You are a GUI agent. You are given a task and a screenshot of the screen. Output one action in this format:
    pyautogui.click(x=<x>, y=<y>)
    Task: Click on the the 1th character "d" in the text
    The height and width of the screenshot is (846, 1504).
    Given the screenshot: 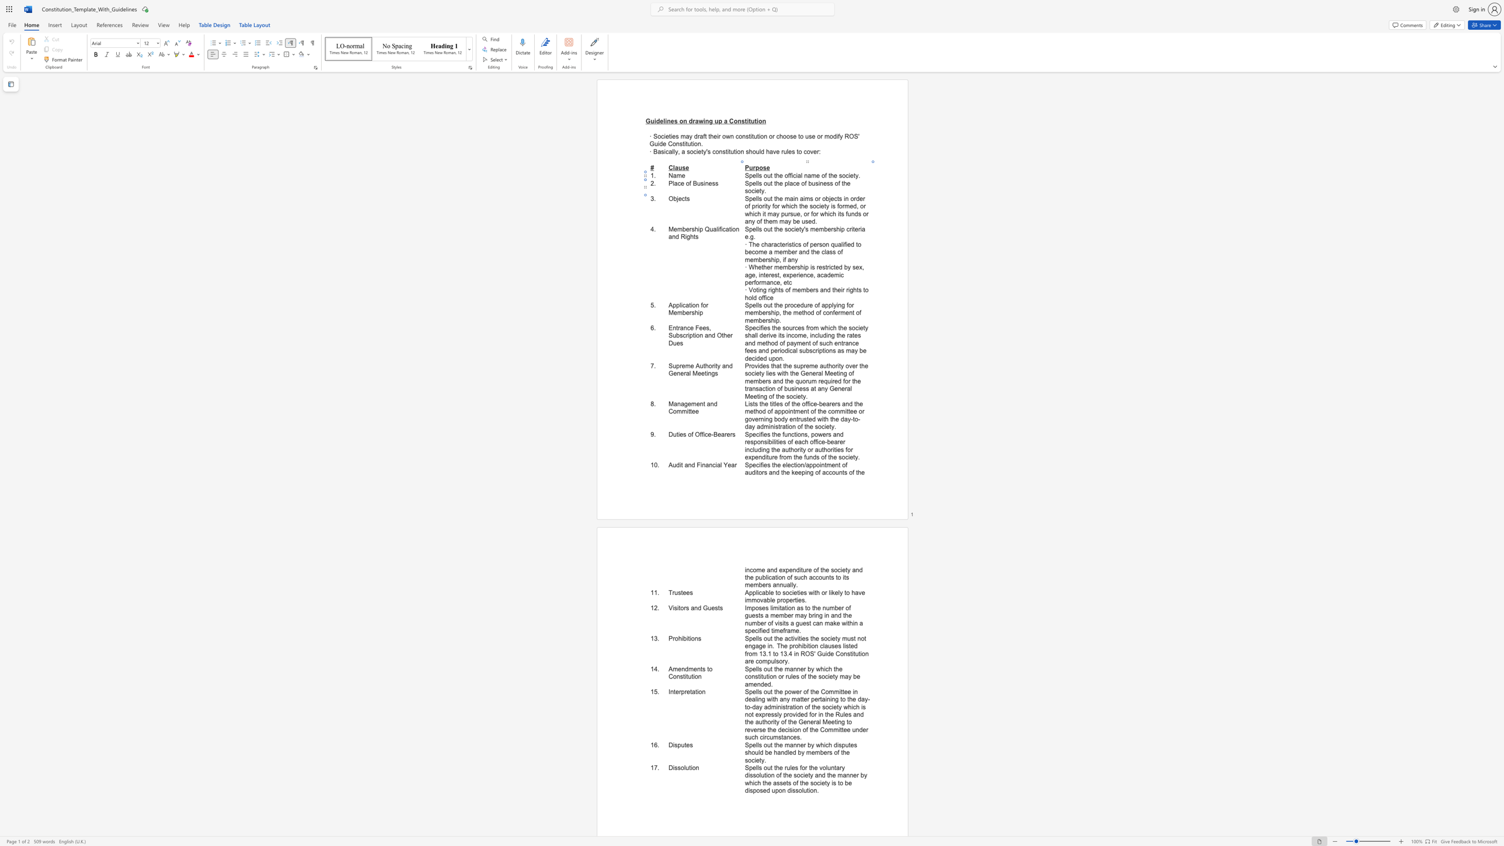 What is the action you would take?
    pyautogui.click(x=851, y=244)
    